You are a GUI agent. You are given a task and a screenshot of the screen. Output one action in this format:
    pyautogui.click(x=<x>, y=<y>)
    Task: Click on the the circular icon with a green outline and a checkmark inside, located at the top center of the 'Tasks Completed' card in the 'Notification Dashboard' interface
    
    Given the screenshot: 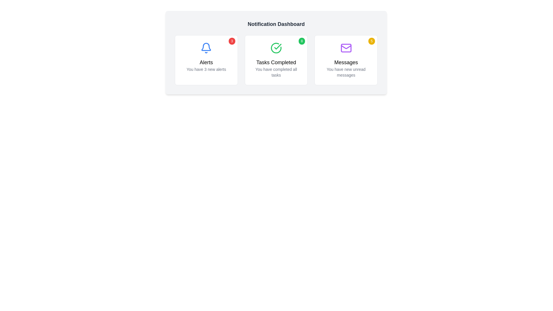 What is the action you would take?
    pyautogui.click(x=276, y=48)
    